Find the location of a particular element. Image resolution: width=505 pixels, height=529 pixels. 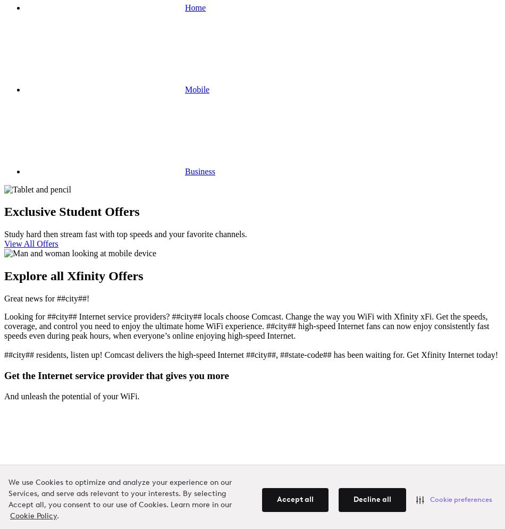

'Exclusive Student Offers' is located at coordinates (71, 212).